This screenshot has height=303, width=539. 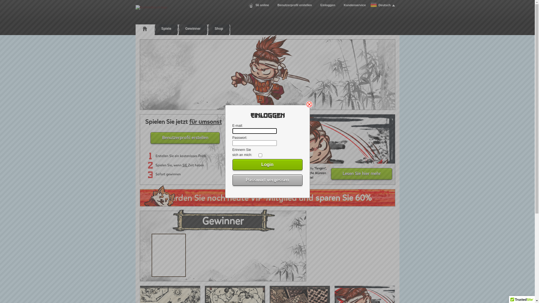 What do you see at coordinates (354, 5) in the screenshot?
I see `'Kundenservice'` at bounding box center [354, 5].